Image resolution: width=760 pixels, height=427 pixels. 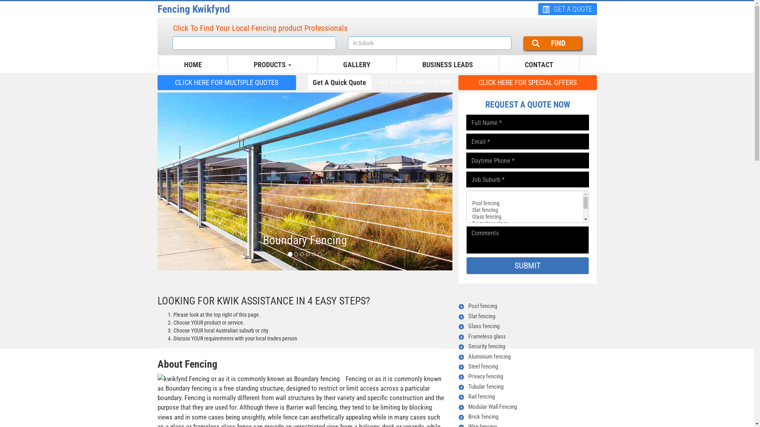 What do you see at coordinates (272, 64) in the screenshot?
I see `'PRODUCTS'` at bounding box center [272, 64].